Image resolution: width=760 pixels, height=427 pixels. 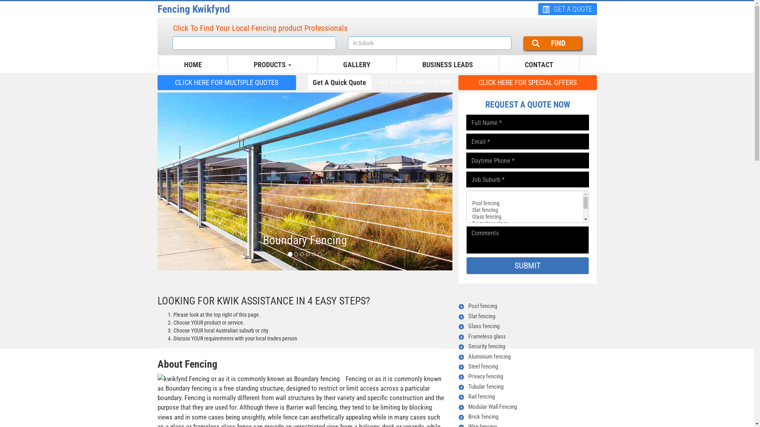 What do you see at coordinates (272, 64) in the screenshot?
I see `'PRODUCTS'` at bounding box center [272, 64].